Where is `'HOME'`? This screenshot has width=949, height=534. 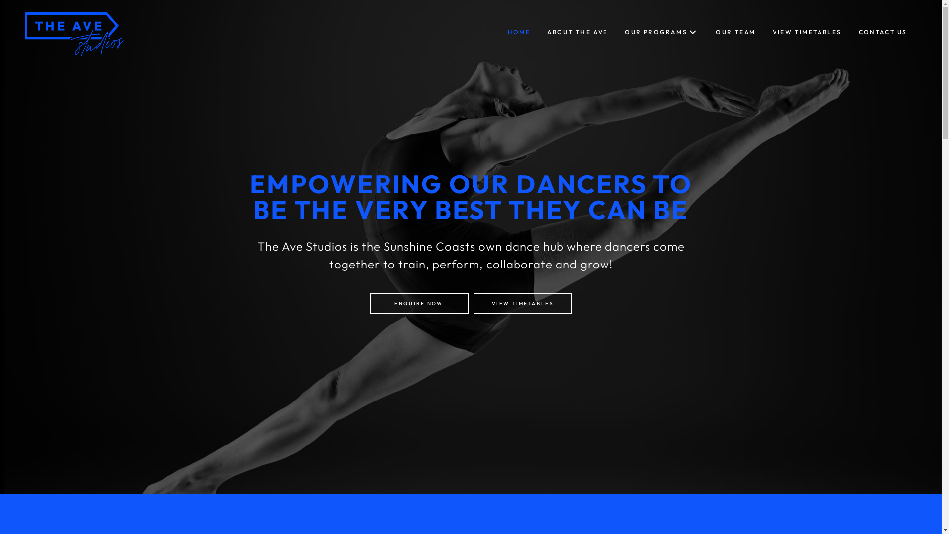
'HOME' is located at coordinates (503, 32).